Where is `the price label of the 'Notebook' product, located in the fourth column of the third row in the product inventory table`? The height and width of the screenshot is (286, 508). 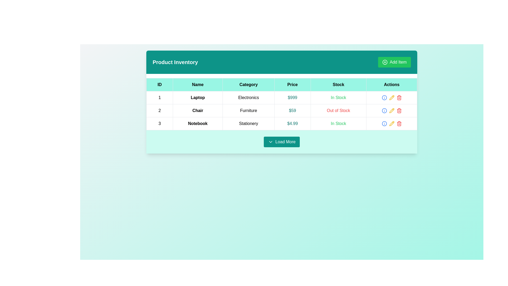
the price label of the 'Notebook' product, located in the fourth column of the third row in the product inventory table is located at coordinates (292, 123).